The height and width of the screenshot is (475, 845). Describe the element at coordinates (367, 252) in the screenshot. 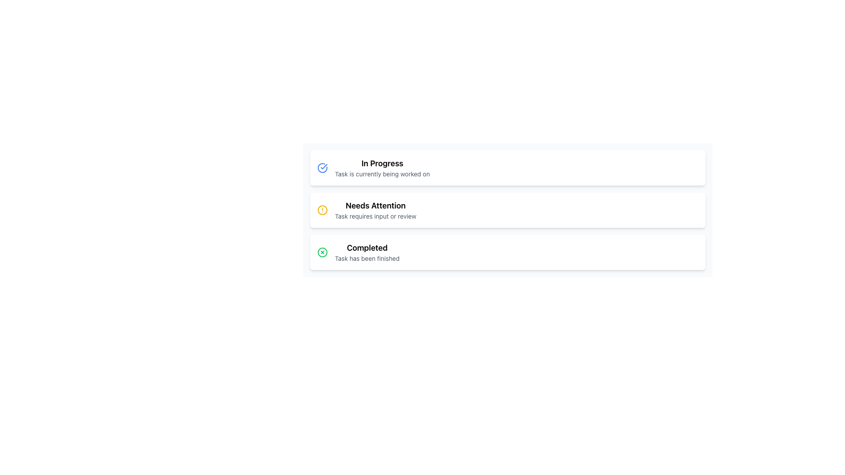

I see `the static text block that communicates information about a completed task, located under the 'Completed' section` at that location.